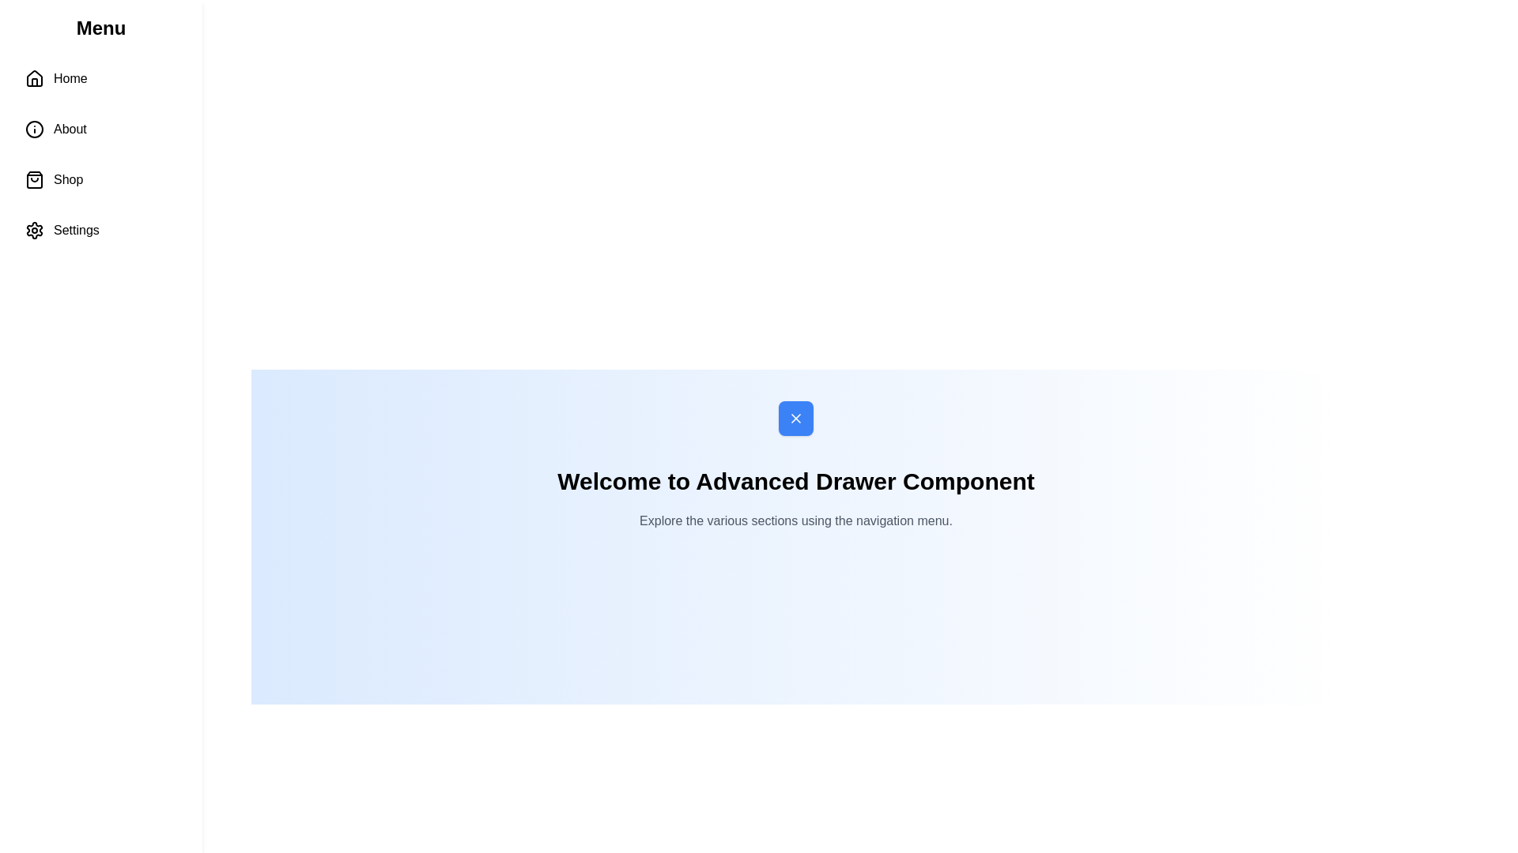 Image resolution: width=1518 pixels, height=853 pixels. What do you see at coordinates (34, 231) in the screenshot?
I see `the settings icon located in the vertical navigation menu on the left side of the interface, which is the fourth item below the 'Shop' menu item` at bounding box center [34, 231].